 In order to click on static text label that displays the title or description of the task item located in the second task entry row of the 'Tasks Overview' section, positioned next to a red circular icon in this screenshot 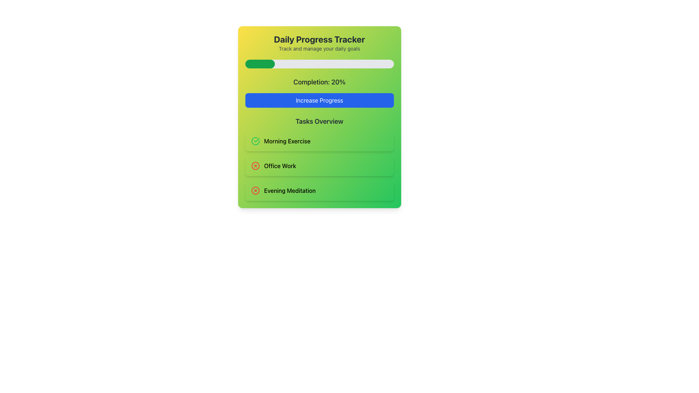, I will do `click(280, 166)`.